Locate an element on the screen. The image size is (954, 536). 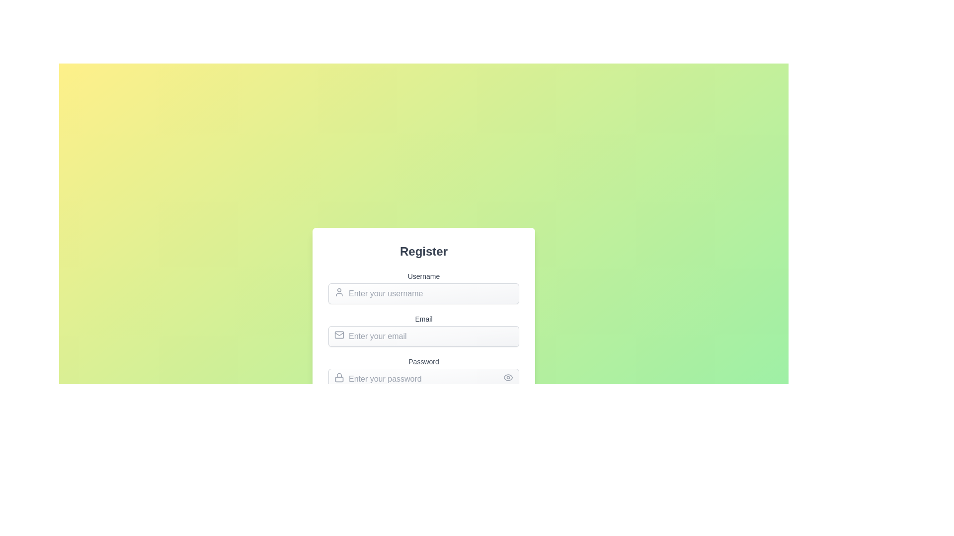
the visibility toggle button located at the right side of the password input field is located at coordinates (508, 377).